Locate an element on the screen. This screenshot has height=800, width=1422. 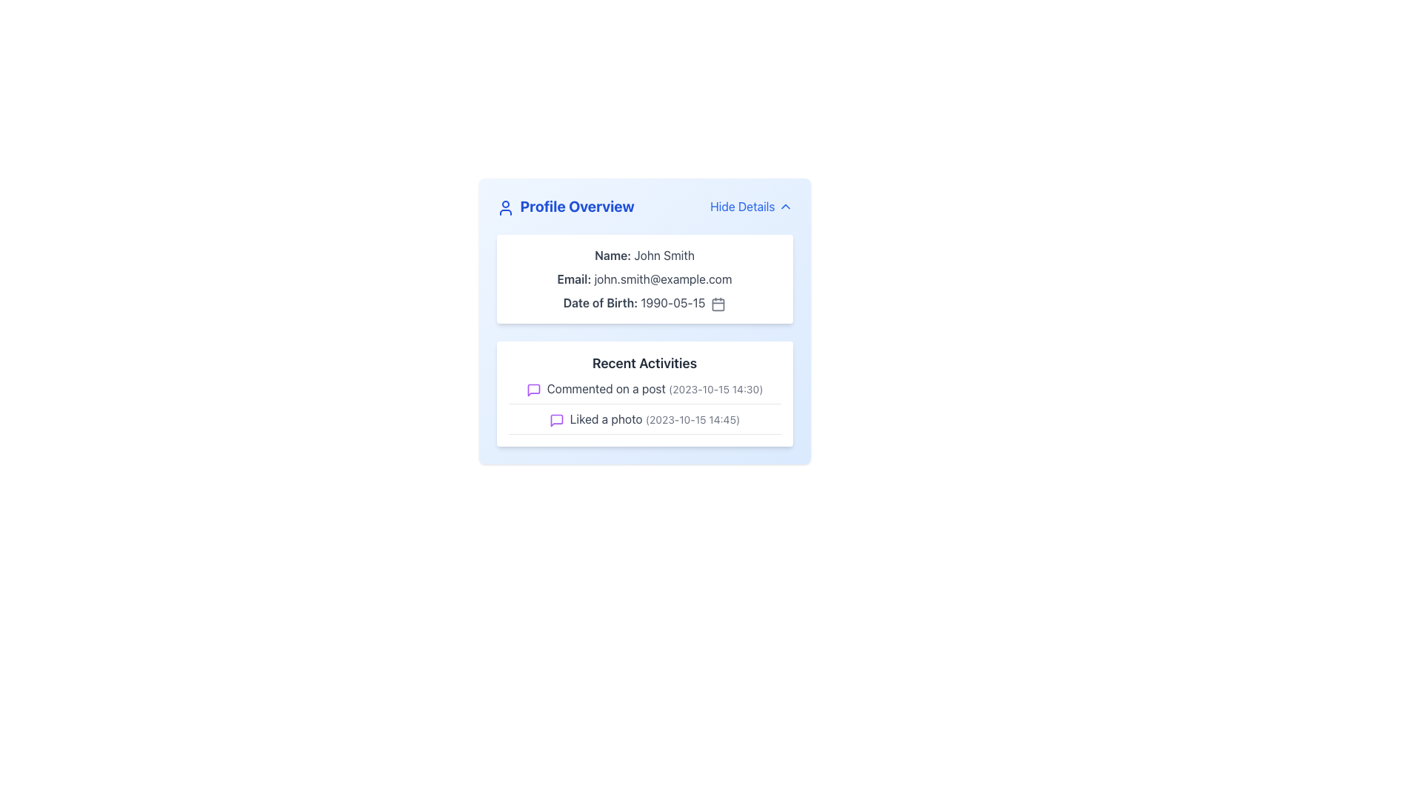
the first entry in the 'Recent Activities' section that logs a user comment on a post dated October 15, 2023, at 14:30 is located at coordinates (644, 391).